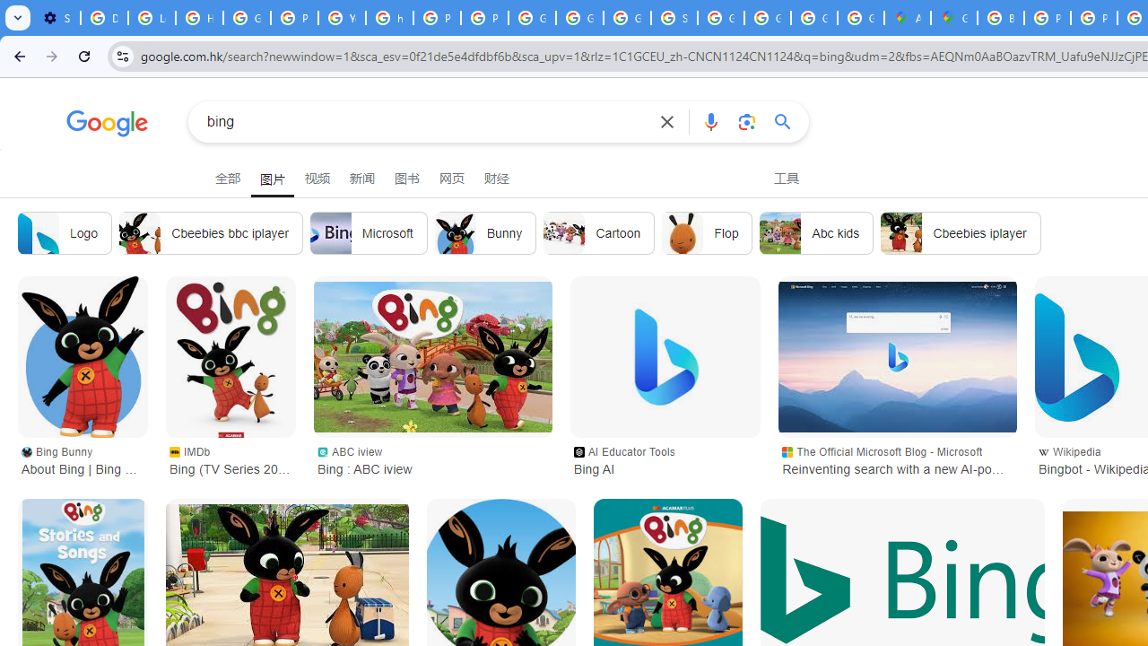 The height and width of the screenshot is (646, 1148). I want to click on 'Bing : ABC iview', so click(432, 356).